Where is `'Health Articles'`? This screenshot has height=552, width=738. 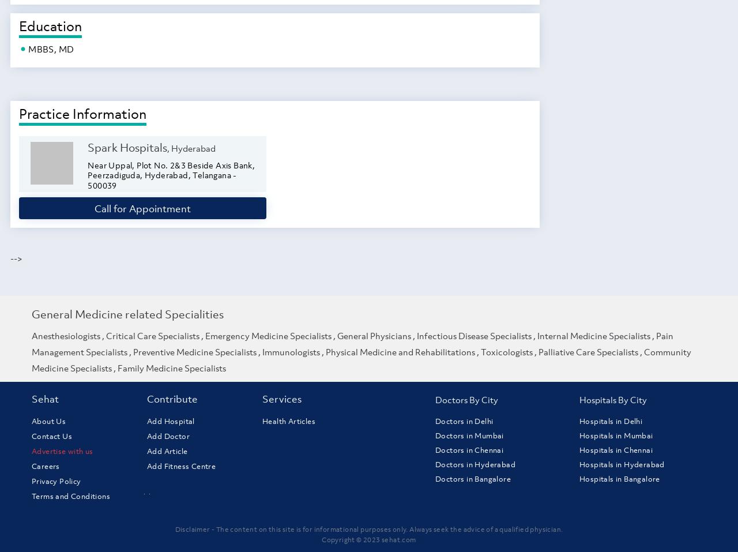 'Health Articles' is located at coordinates (288, 421).